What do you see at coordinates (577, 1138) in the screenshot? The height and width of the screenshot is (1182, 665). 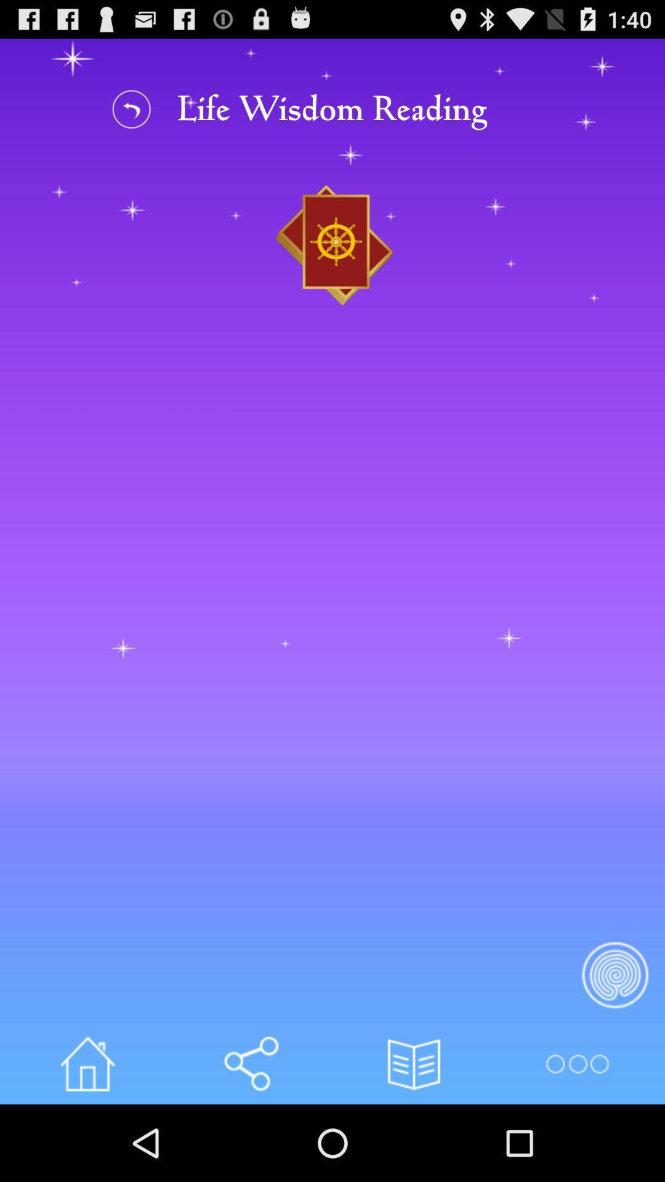 I see `the more icon` at bounding box center [577, 1138].